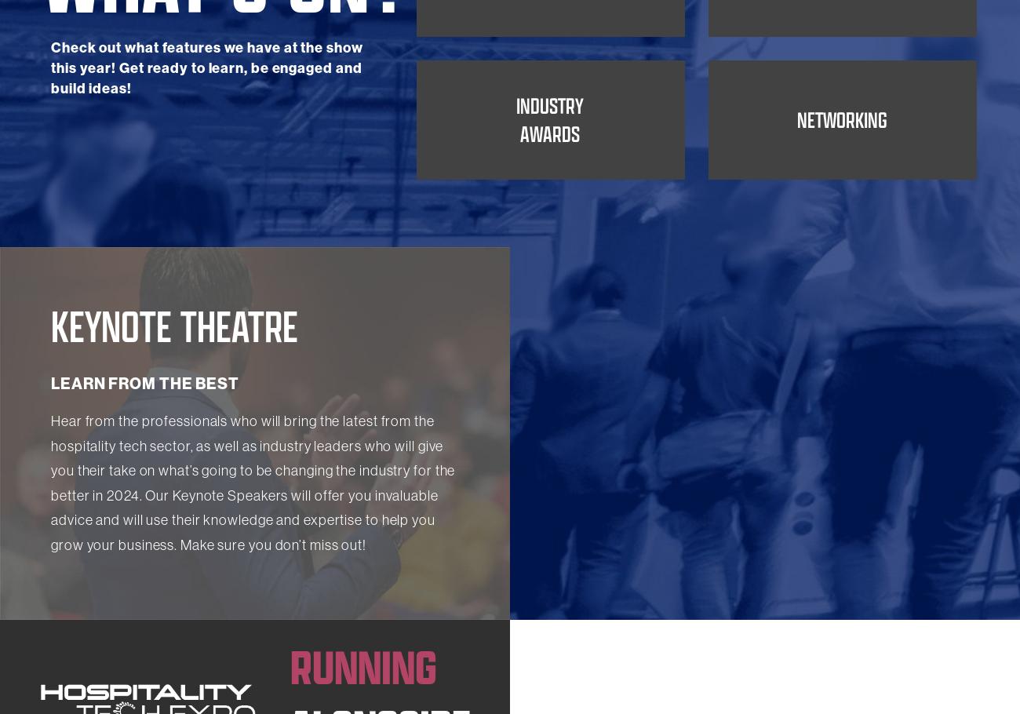 This screenshot has height=714, width=1020. Describe the element at coordinates (173, 427) in the screenshot. I see `'Keynote Theatre'` at that location.